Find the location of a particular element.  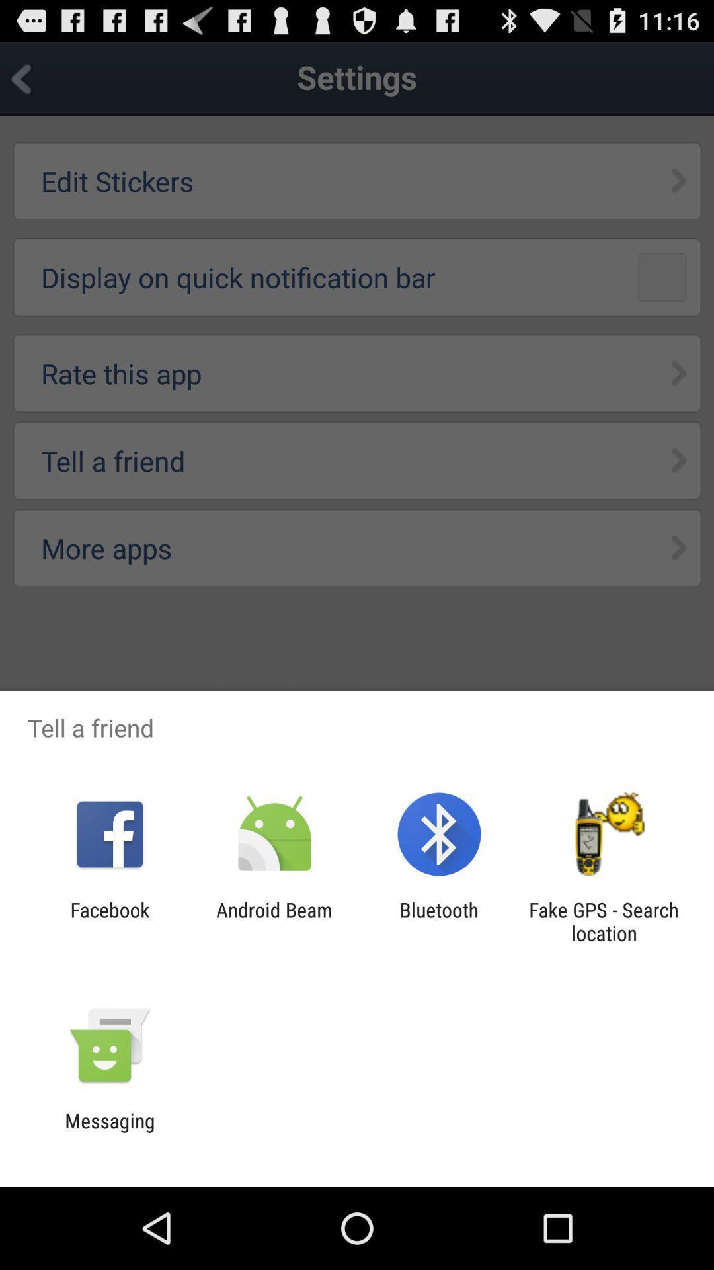

android beam app is located at coordinates (274, 921).